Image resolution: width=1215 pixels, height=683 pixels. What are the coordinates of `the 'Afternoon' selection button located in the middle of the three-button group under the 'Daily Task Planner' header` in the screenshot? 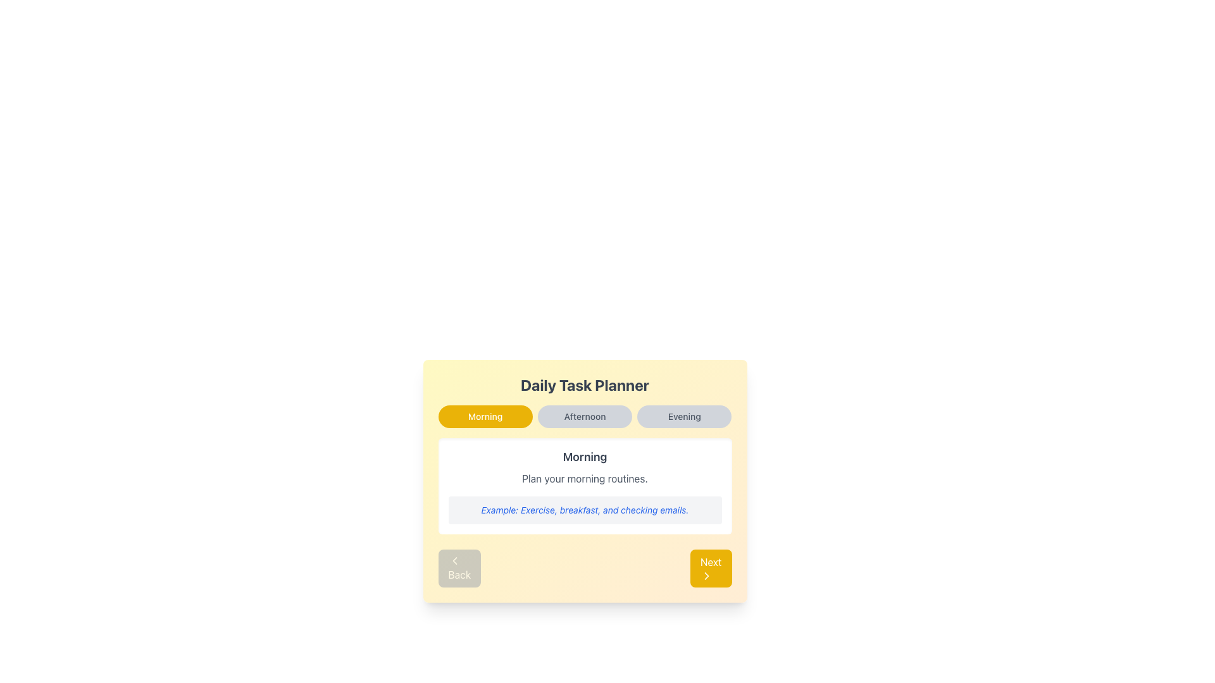 It's located at (584, 417).